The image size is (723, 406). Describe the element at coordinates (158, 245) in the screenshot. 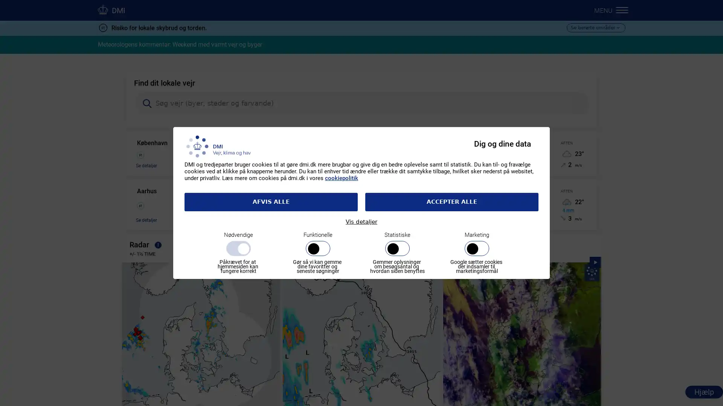

I see `Bemrk ikon` at that location.